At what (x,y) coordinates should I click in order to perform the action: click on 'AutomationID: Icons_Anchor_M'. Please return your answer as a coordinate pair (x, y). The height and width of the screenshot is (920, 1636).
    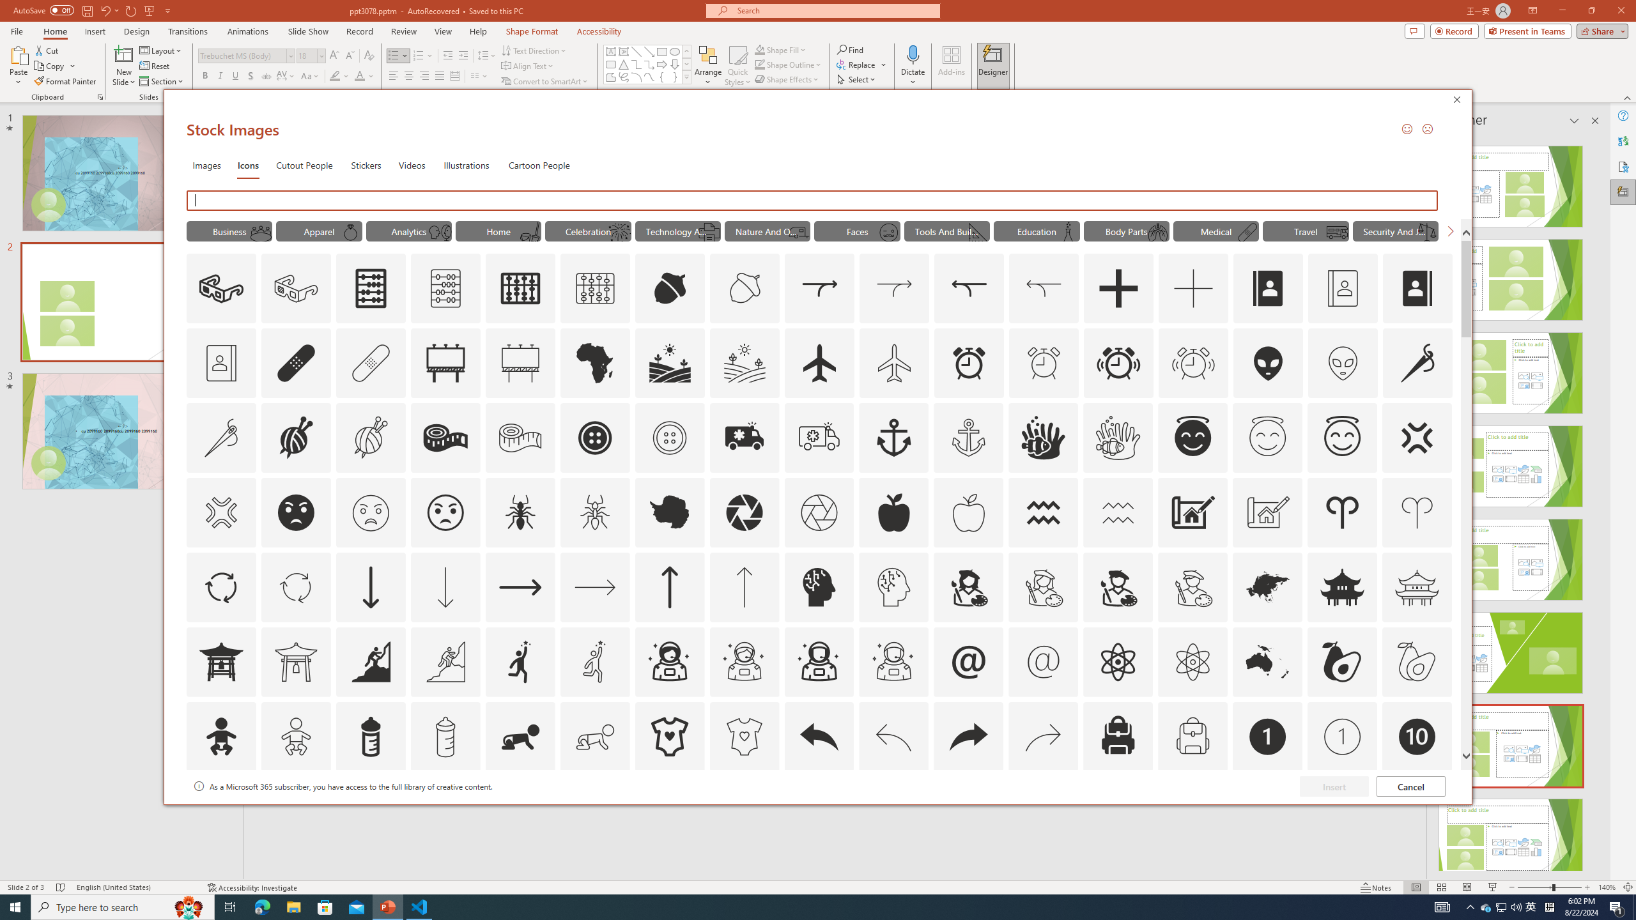
    Looking at the image, I should click on (968, 438).